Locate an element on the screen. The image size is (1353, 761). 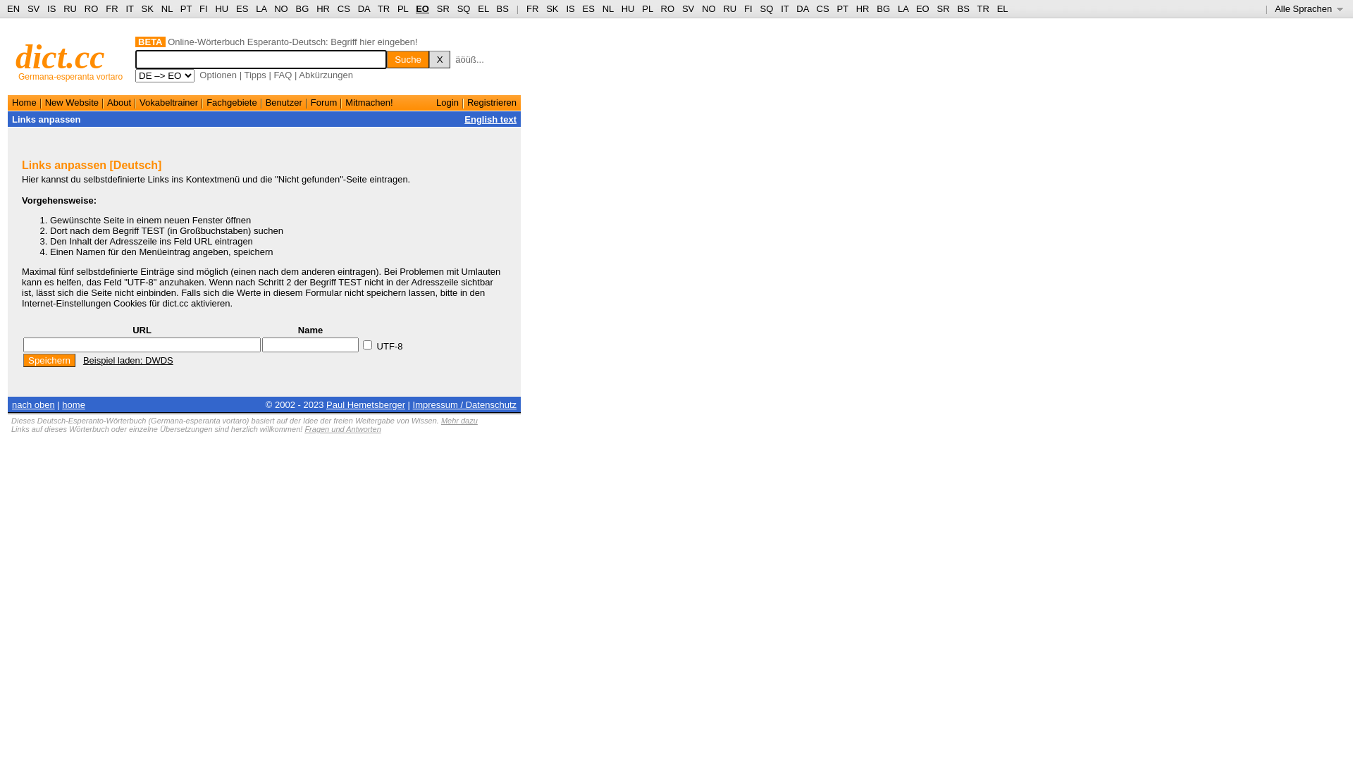
'Paul Hemetsberger' is located at coordinates (365, 404).